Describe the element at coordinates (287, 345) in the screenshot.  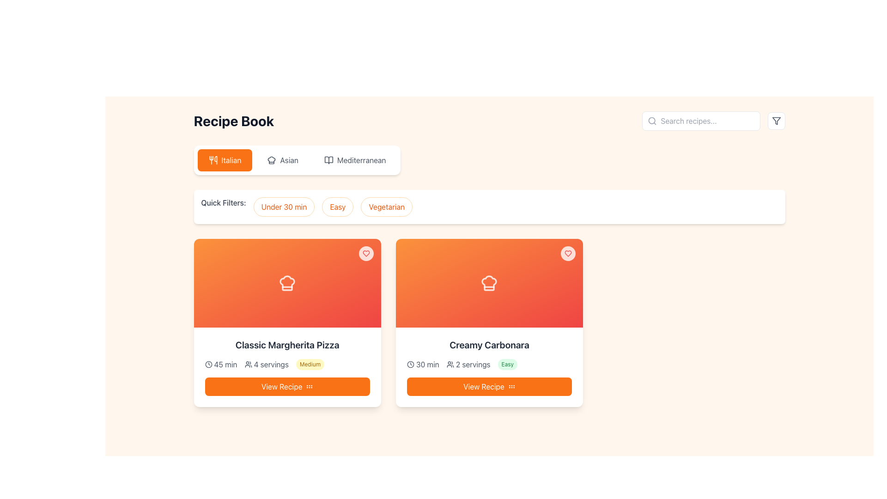
I see `the text label that reads 'Classic Margherita Pizza', which is styled with a large, bold font in dark gray, located near the top of the first recipe card` at that location.